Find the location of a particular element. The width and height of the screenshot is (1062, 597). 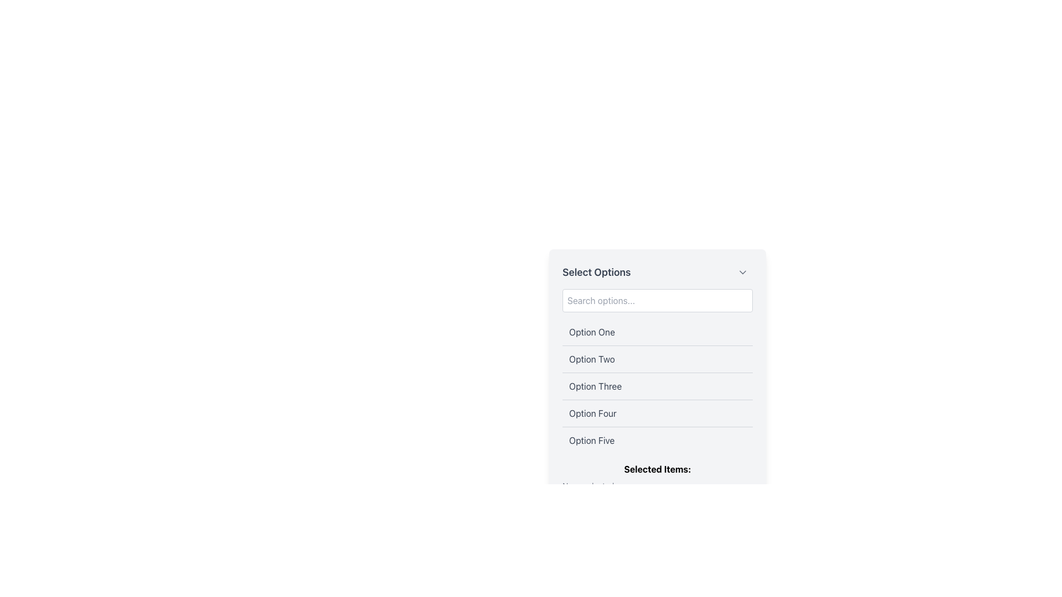

the third selectable option in the dropdown menu is located at coordinates (658, 385).